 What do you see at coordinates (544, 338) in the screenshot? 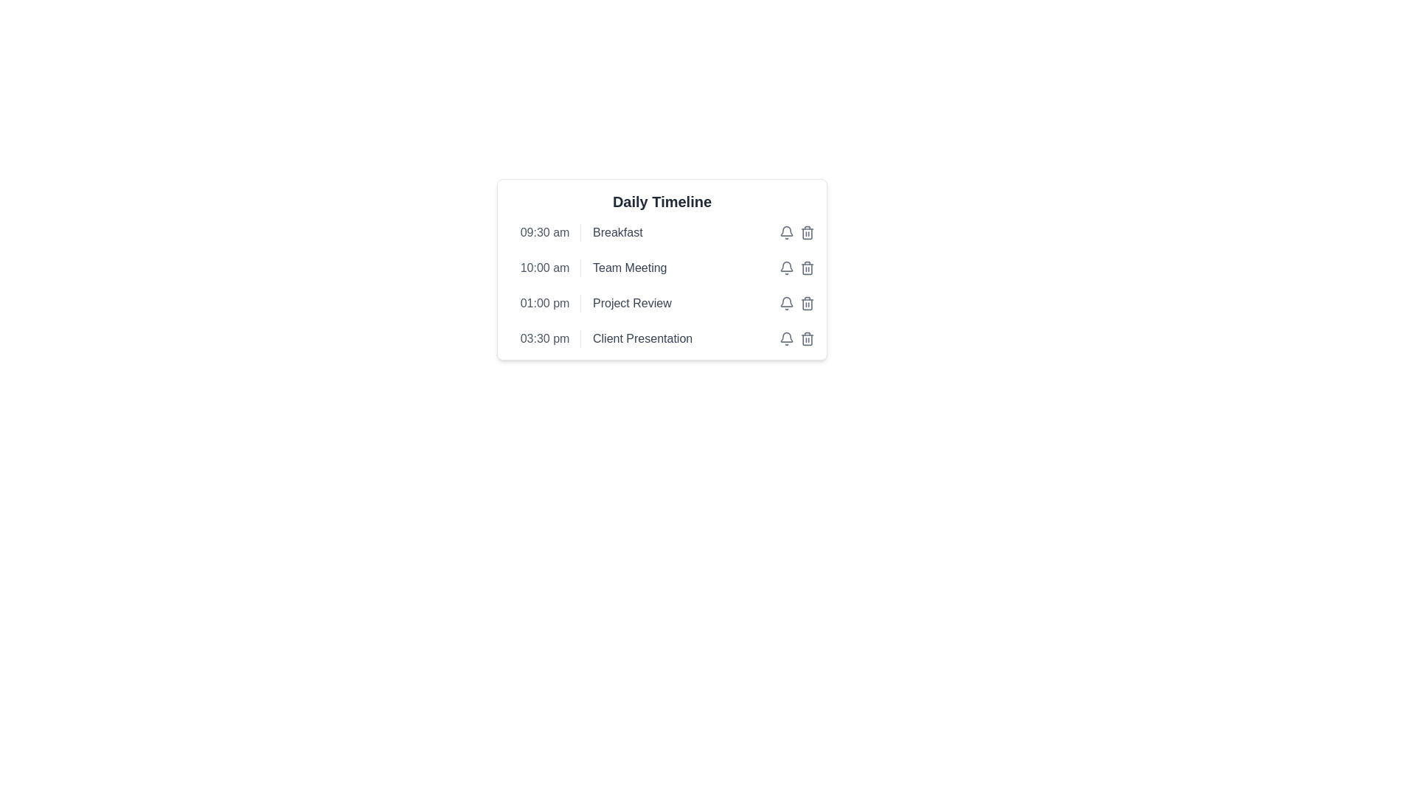
I see `the text label displaying '03:30 pm'` at bounding box center [544, 338].